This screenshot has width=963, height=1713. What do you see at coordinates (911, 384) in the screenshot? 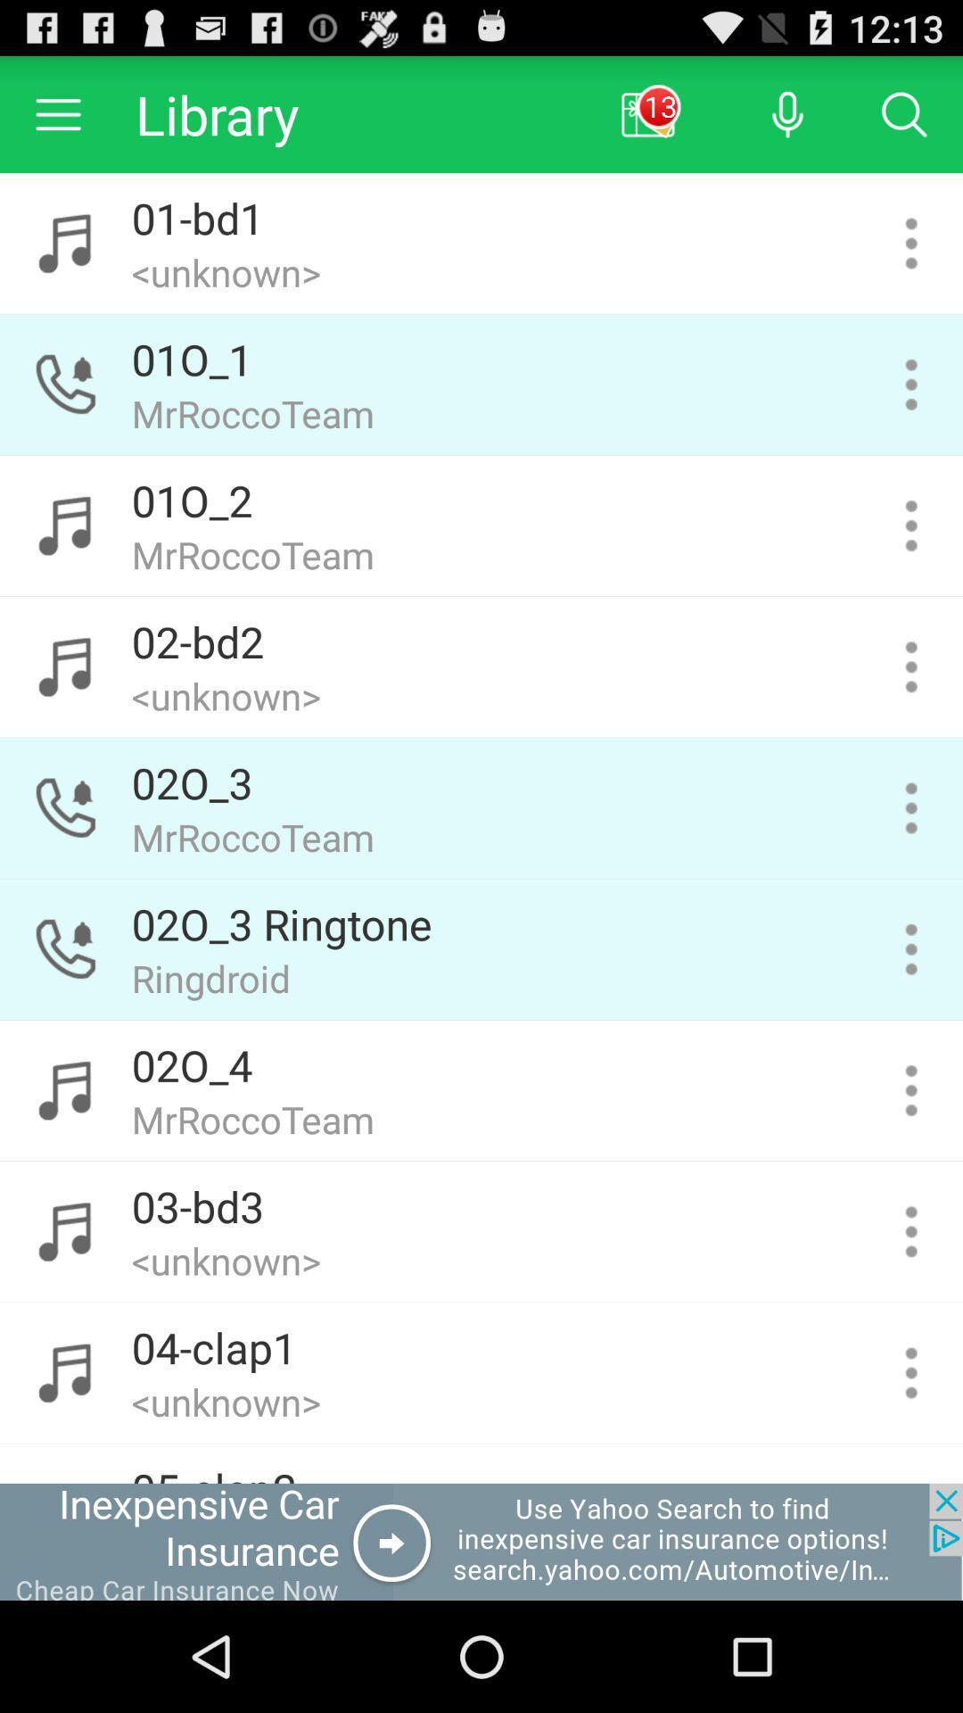
I see `more option` at bounding box center [911, 384].